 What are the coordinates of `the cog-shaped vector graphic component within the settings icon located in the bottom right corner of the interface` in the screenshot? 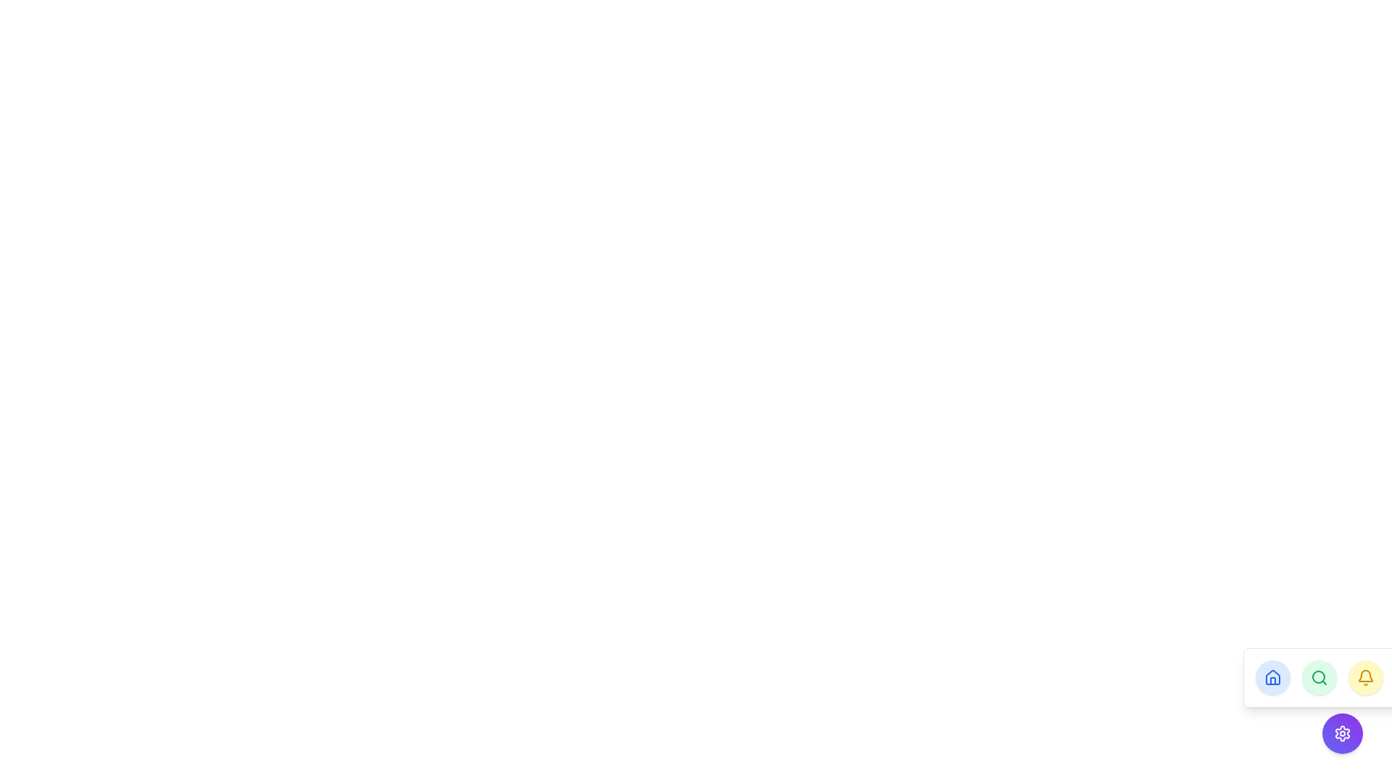 It's located at (1342, 733).